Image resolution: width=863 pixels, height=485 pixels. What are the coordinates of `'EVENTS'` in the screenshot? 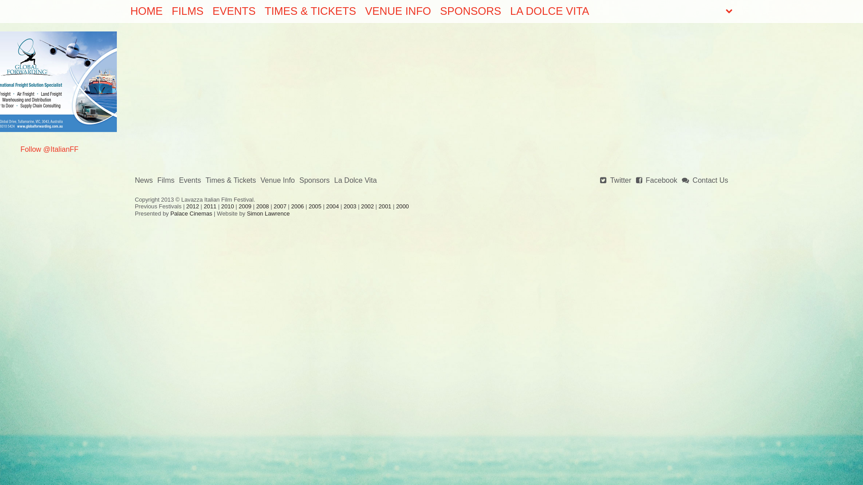 It's located at (234, 11).